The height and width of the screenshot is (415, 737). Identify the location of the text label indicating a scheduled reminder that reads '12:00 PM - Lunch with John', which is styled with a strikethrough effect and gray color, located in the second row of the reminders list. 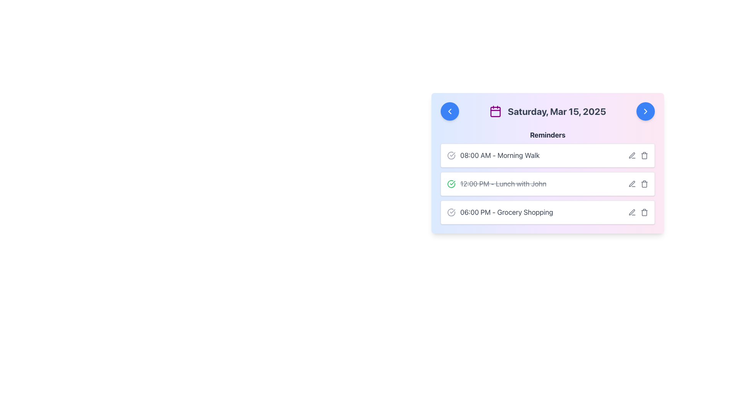
(503, 184).